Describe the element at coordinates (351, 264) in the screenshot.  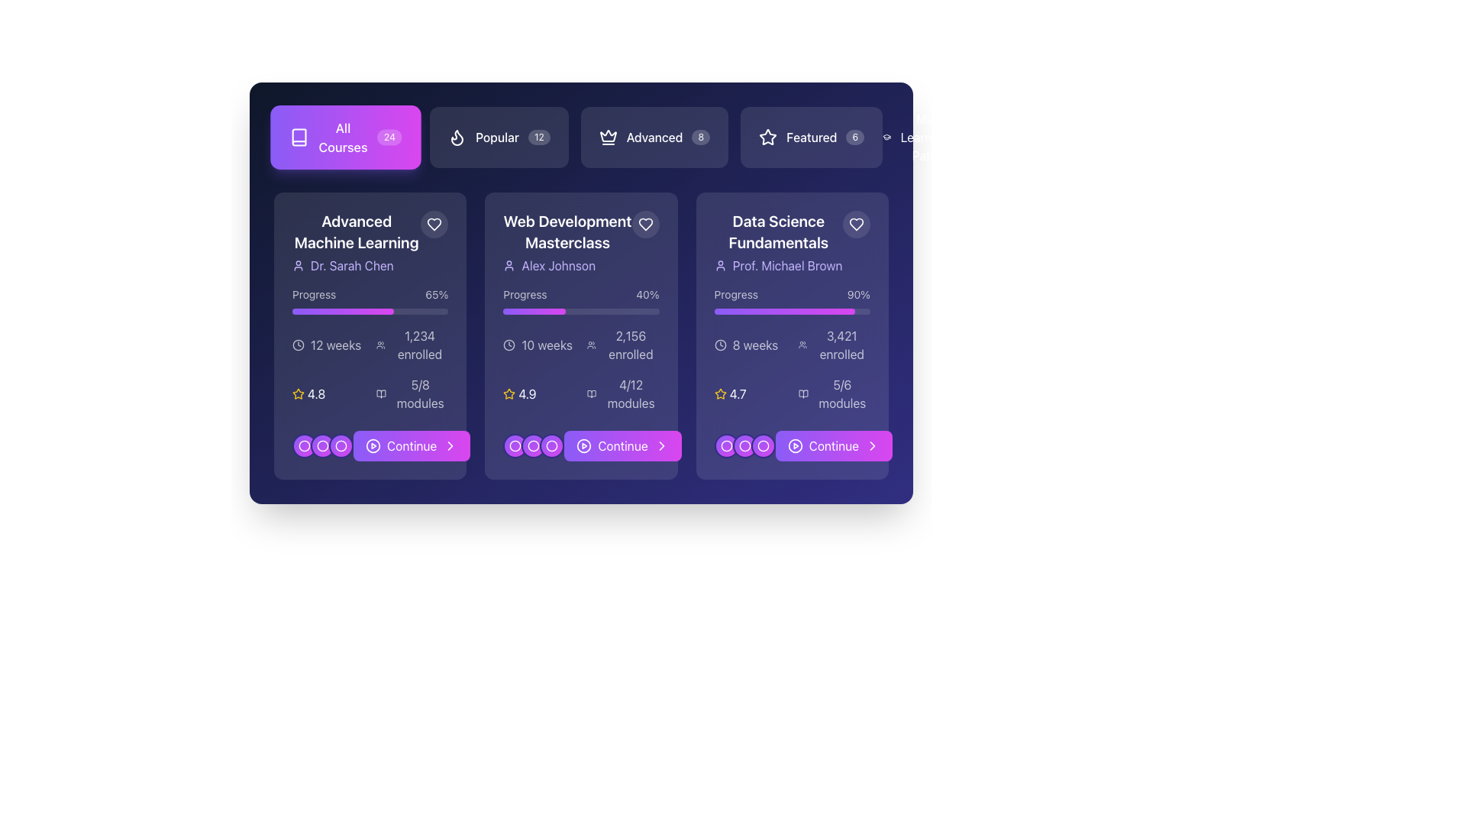
I see `text label 'Dr. Sarah Chen' which is styled in light violet color and positioned within a dark blue card interface, located in the upper-left section of the first card below the title 'Advanced Machine Learning'` at that location.